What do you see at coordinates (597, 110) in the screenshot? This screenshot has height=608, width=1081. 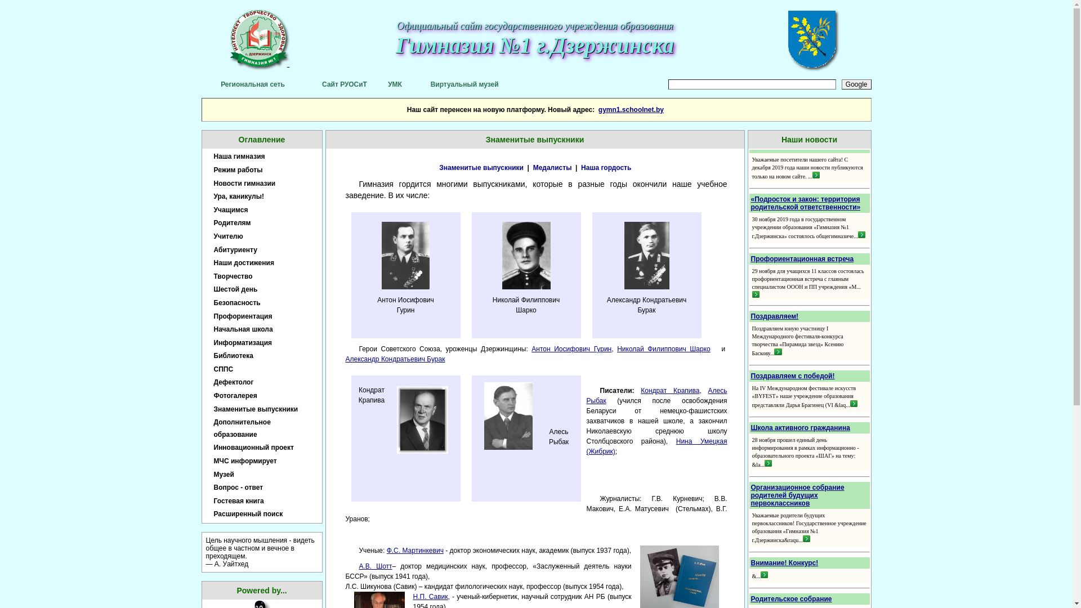 I see `'gymn1.schoolnet.by'` at bounding box center [597, 110].